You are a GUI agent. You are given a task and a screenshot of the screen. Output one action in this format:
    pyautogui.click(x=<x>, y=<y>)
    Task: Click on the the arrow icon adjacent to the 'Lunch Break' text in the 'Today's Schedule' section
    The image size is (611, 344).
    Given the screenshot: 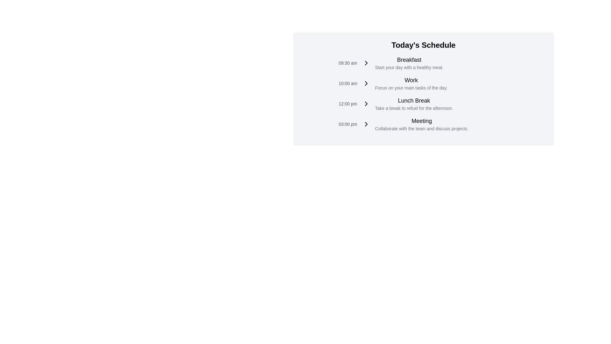 What is the action you would take?
    pyautogui.click(x=366, y=104)
    